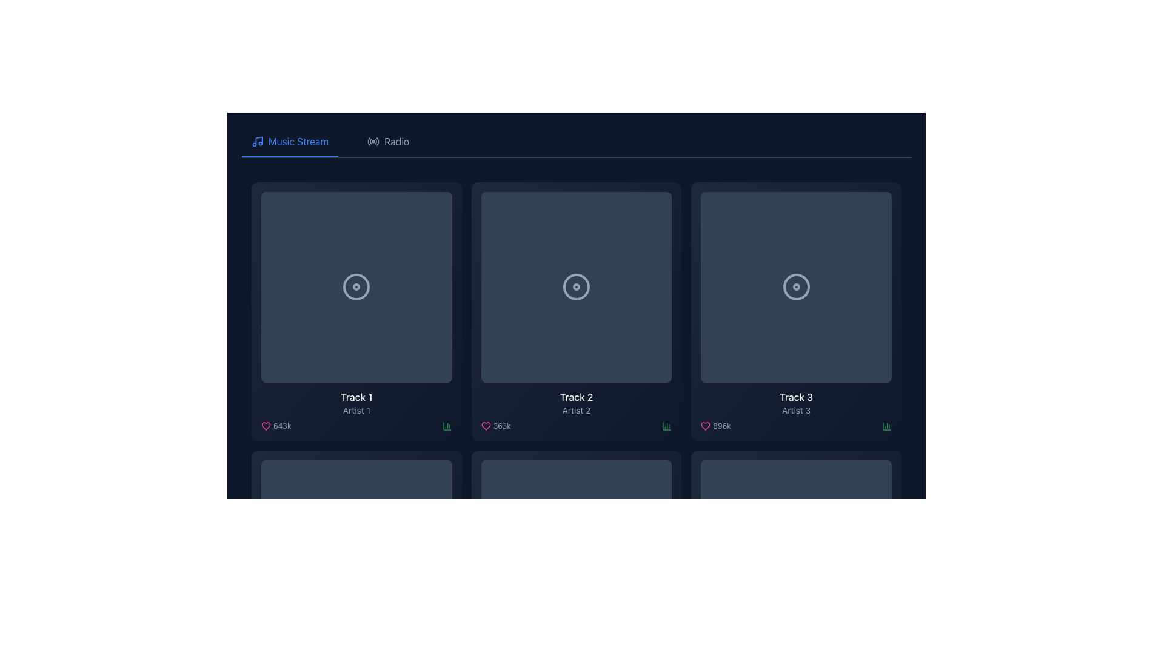 The width and height of the screenshot is (1164, 654). Describe the element at coordinates (666, 425) in the screenshot. I see `the bar chart icon located at the bottom right corner of the card for 'Track 1'` at that location.